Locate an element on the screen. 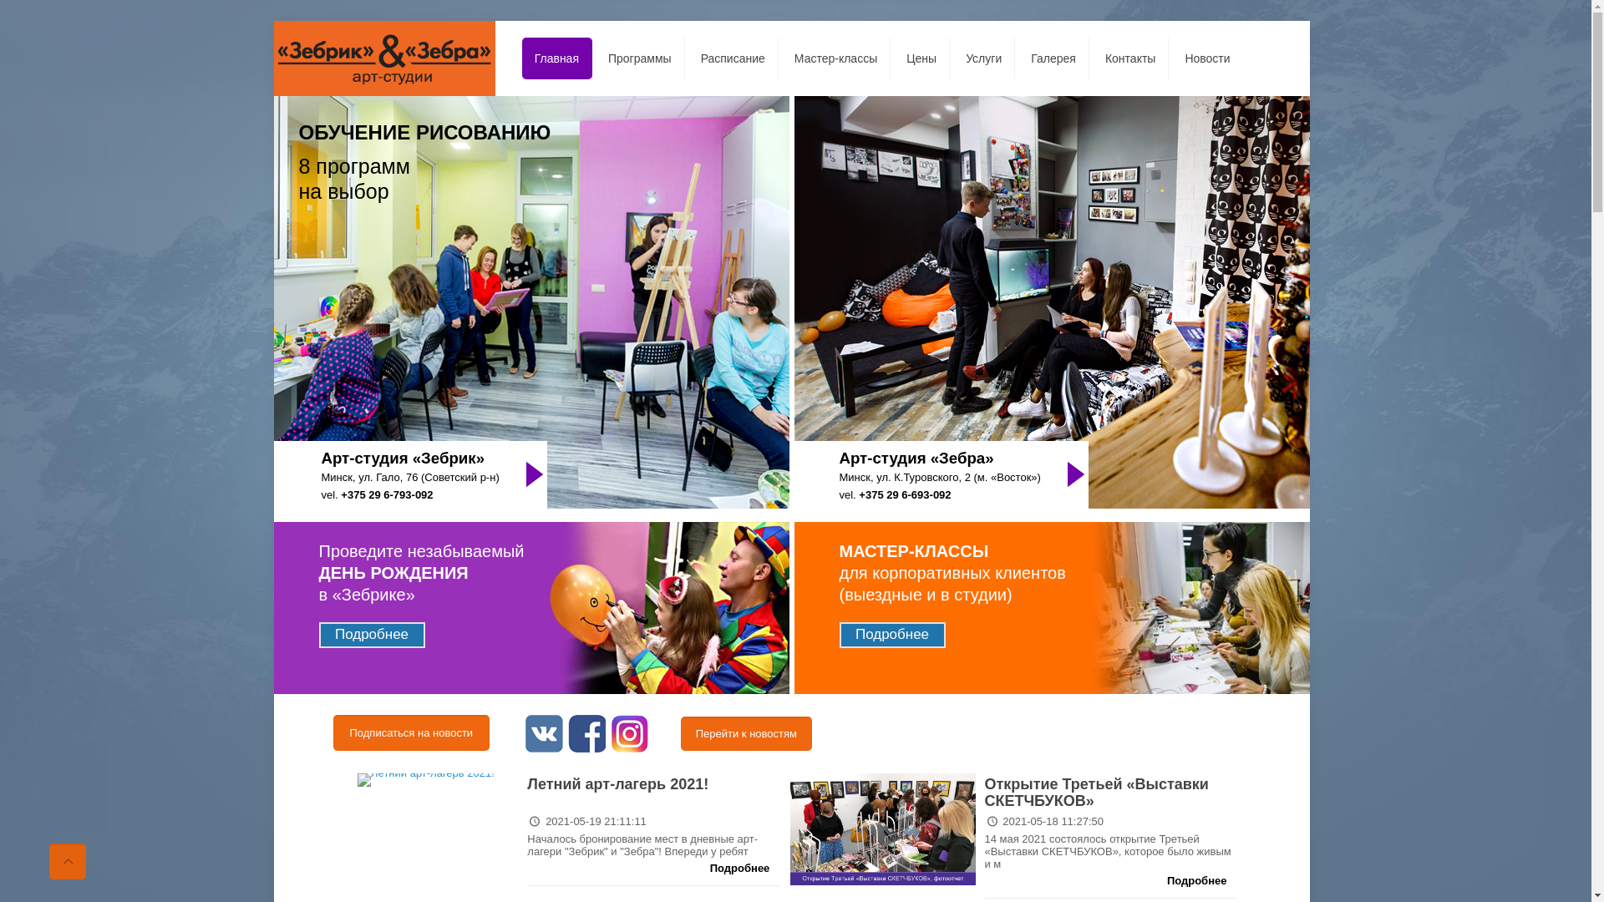  '+375 29 6-693-092' is located at coordinates (904, 494).